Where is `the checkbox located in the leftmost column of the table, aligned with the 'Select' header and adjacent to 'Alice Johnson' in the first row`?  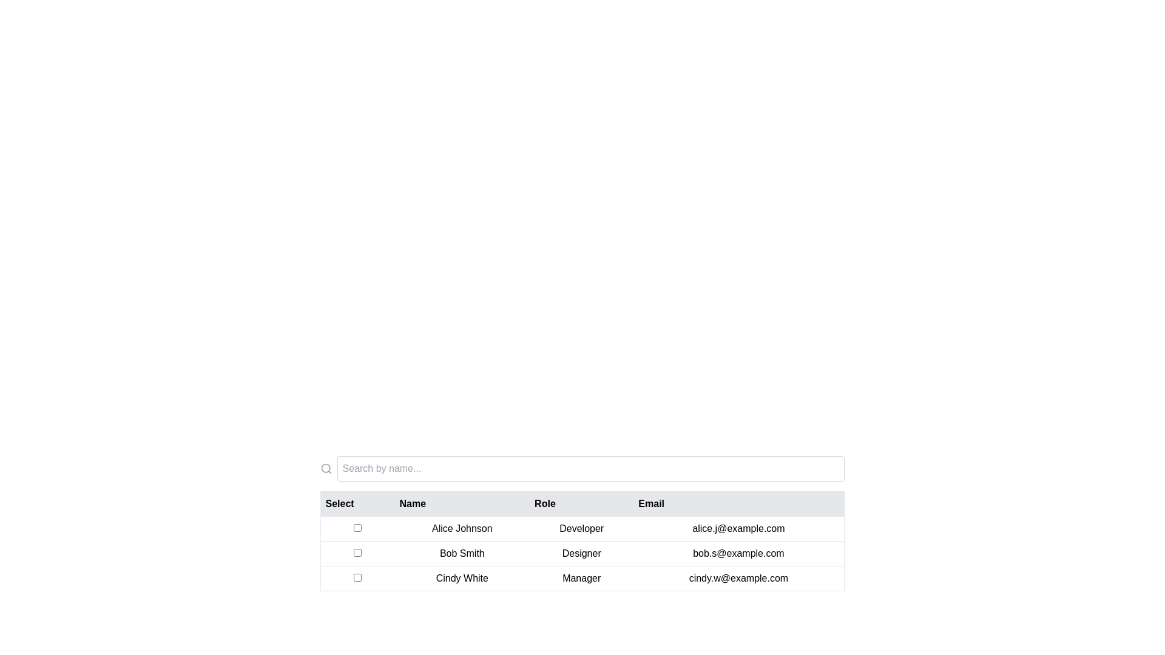
the checkbox located in the leftmost column of the table, aligned with the 'Select' header and adjacent to 'Alice Johnson' in the first row is located at coordinates (357, 527).